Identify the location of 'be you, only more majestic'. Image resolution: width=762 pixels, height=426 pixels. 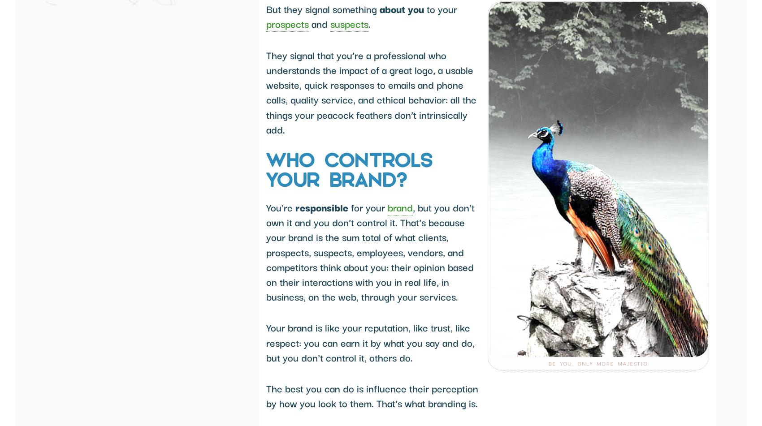
(548, 363).